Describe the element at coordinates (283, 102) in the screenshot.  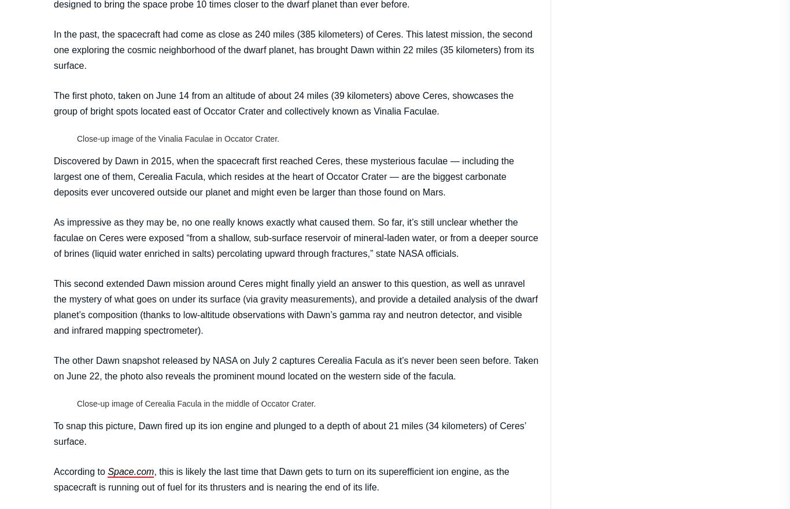
I see `'The first photo, taken on June 14 from an altitude of about 24 miles (39 kilometers) above Ceres, showcases the group of bright spots located east of Occator Crater and collectively known as Vinalia Faculae.'` at that location.